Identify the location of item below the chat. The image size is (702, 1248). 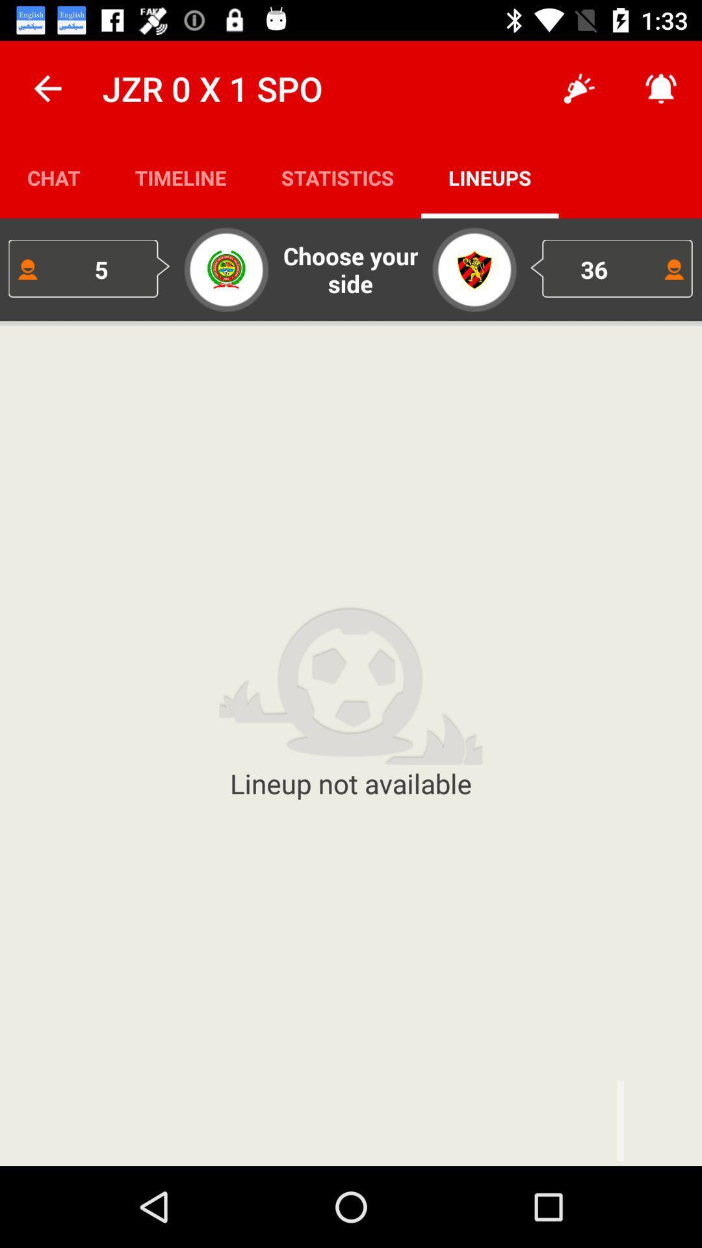
(89, 268).